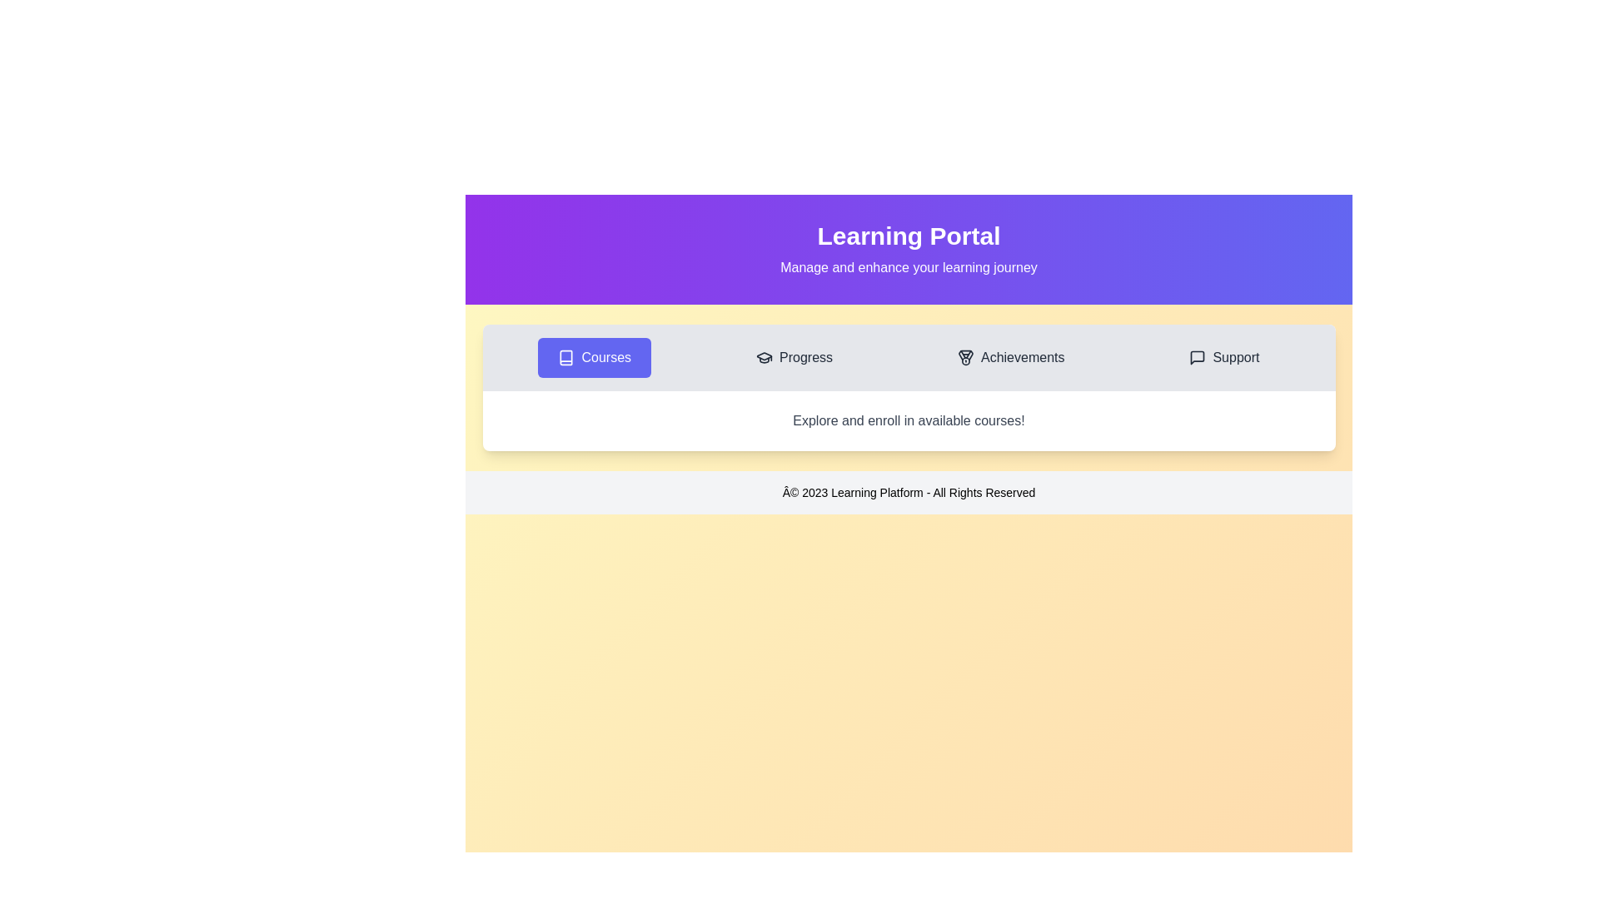  What do you see at coordinates (1197, 356) in the screenshot?
I see `the 'Support' button that contains a chat bubble icon on its left side` at bounding box center [1197, 356].